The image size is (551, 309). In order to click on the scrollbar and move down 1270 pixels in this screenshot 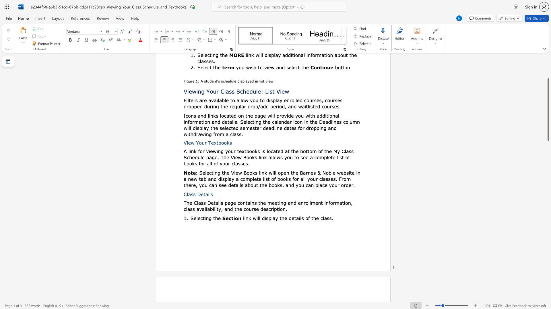, I will do `click(548, 109)`.